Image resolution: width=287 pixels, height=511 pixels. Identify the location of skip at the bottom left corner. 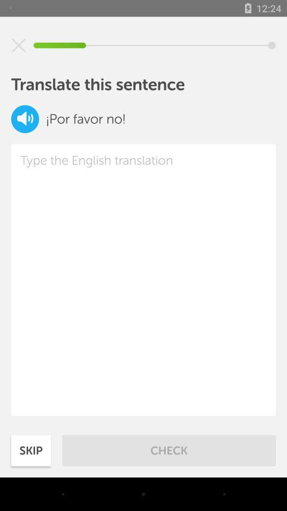
(31, 450).